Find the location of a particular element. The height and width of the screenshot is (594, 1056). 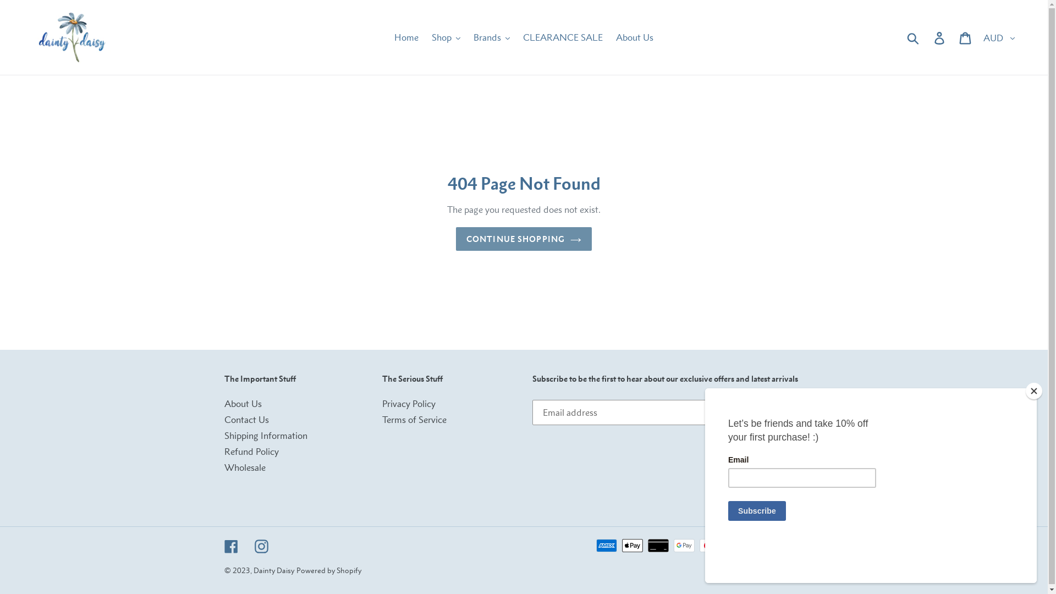

'Powered by Shopify' is located at coordinates (327, 570).